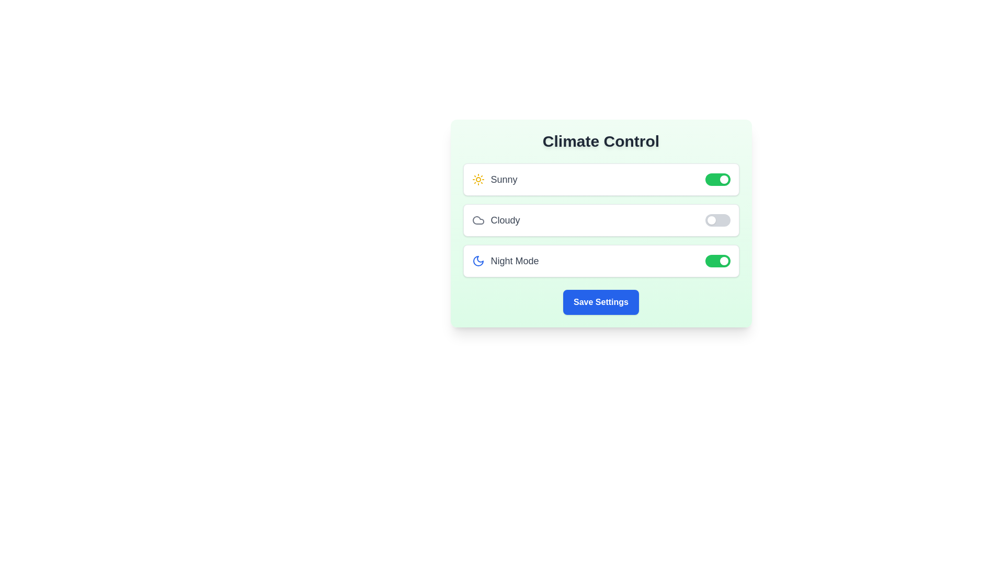 The width and height of the screenshot is (1004, 564). What do you see at coordinates (505, 261) in the screenshot?
I see `the text label for Night Mode` at bounding box center [505, 261].